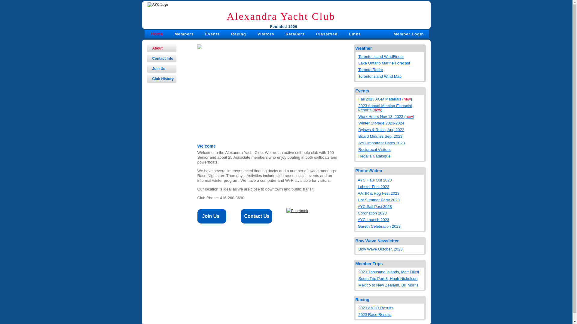 The width and height of the screenshot is (577, 324). What do you see at coordinates (205, 34) in the screenshot?
I see `'Events'` at bounding box center [205, 34].